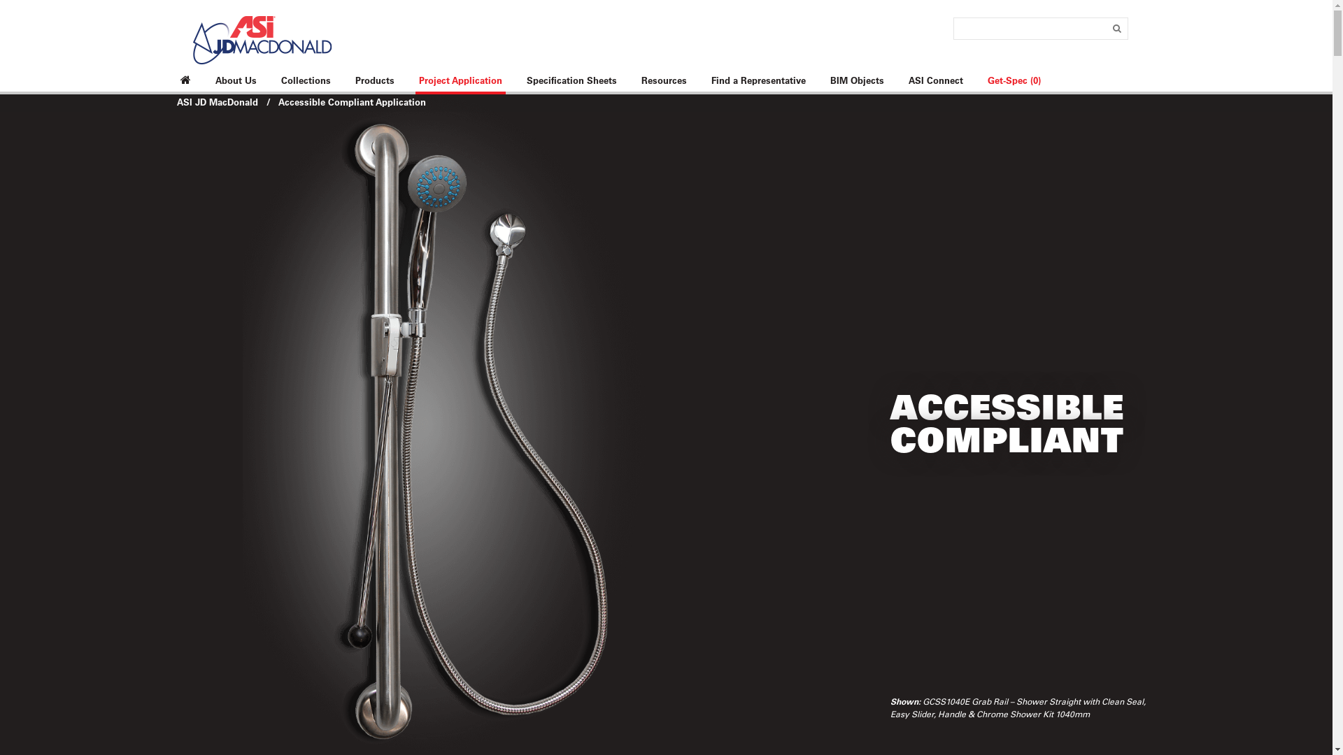  I want to click on 'Get-Spec (0)', so click(983, 82).